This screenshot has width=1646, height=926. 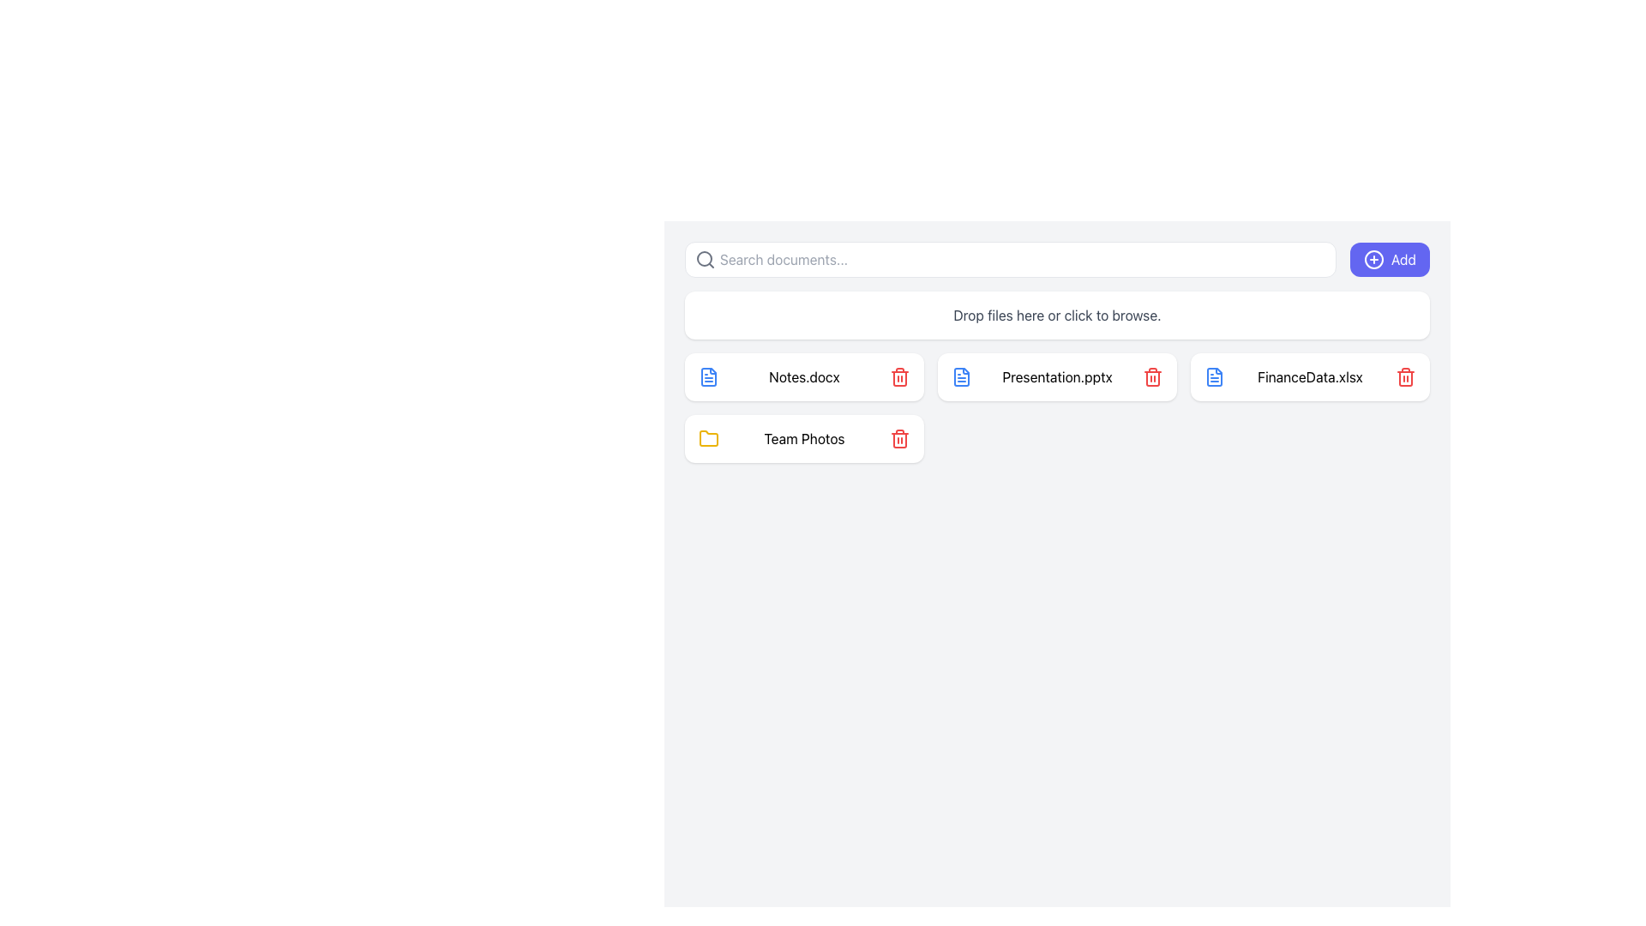 What do you see at coordinates (1309, 376) in the screenshot?
I see `the filename displayed` at bounding box center [1309, 376].